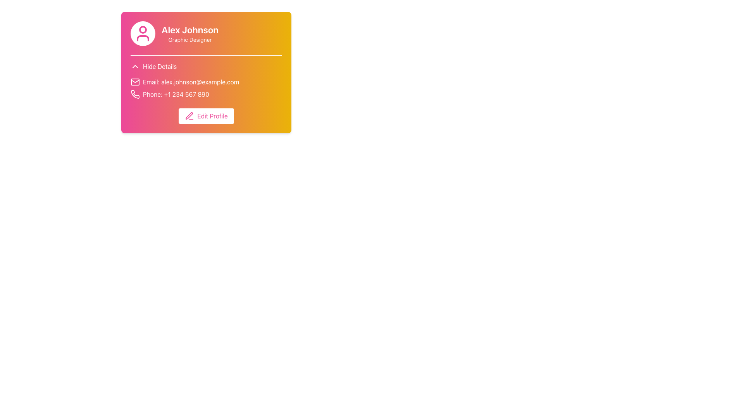 Image resolution: width=744 pixels, height=418 pixels. What do you see at coordinates (191, 82) in the screenshot?
I see `displayed email address from the text label that shows 'Email: alex.johnson@example.com', which is located near an envelope icon in the user profile block` at bounding box center [191, 82].